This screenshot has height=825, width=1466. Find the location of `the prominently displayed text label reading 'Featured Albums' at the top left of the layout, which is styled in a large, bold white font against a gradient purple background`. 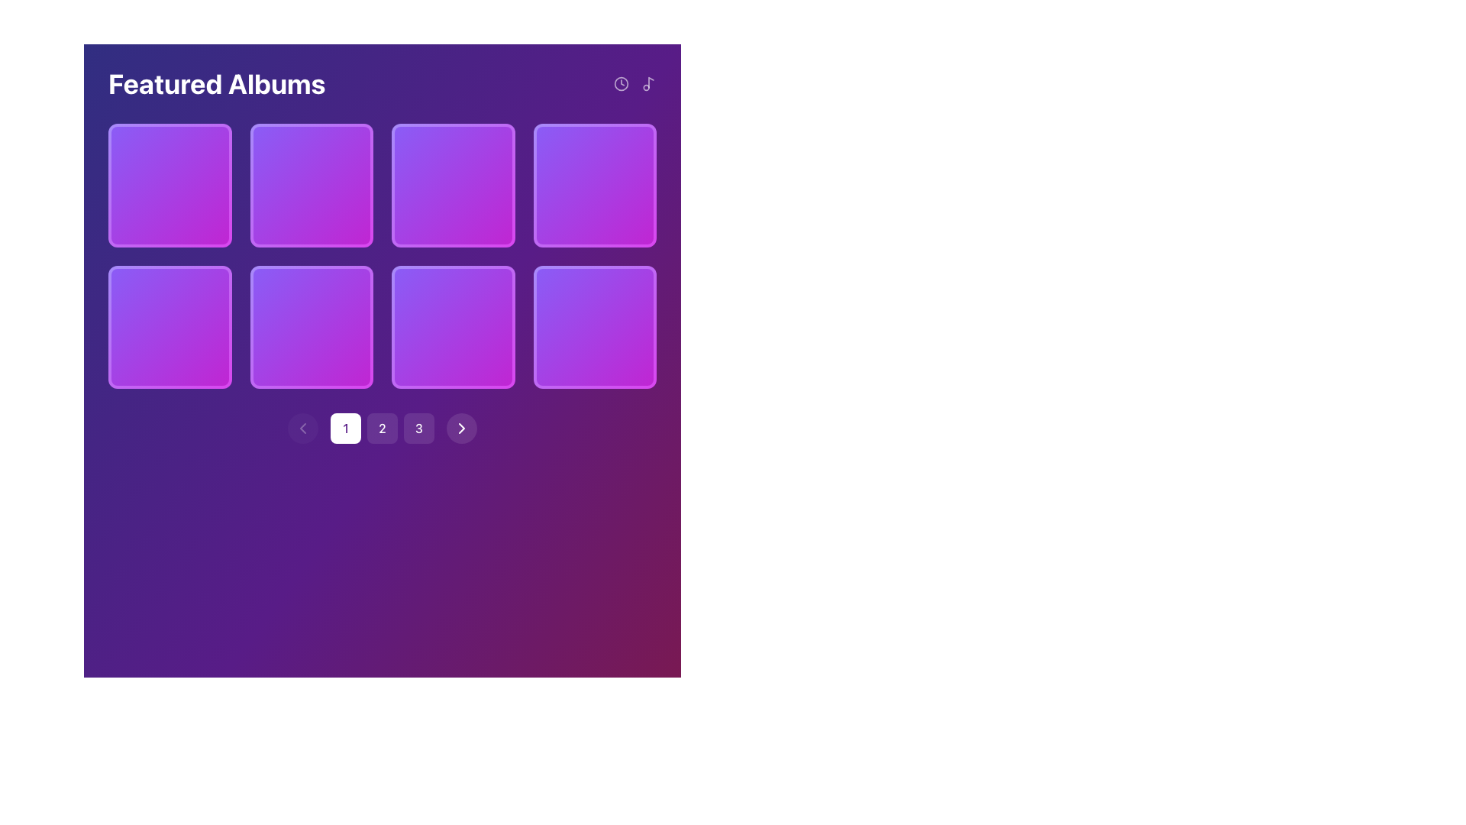

the prominently displayed text label reading 'Featured Albums' at the top left of the layout, which is styled in a large, bold white font against a gradient purple background is located at coordinates (216, 84).